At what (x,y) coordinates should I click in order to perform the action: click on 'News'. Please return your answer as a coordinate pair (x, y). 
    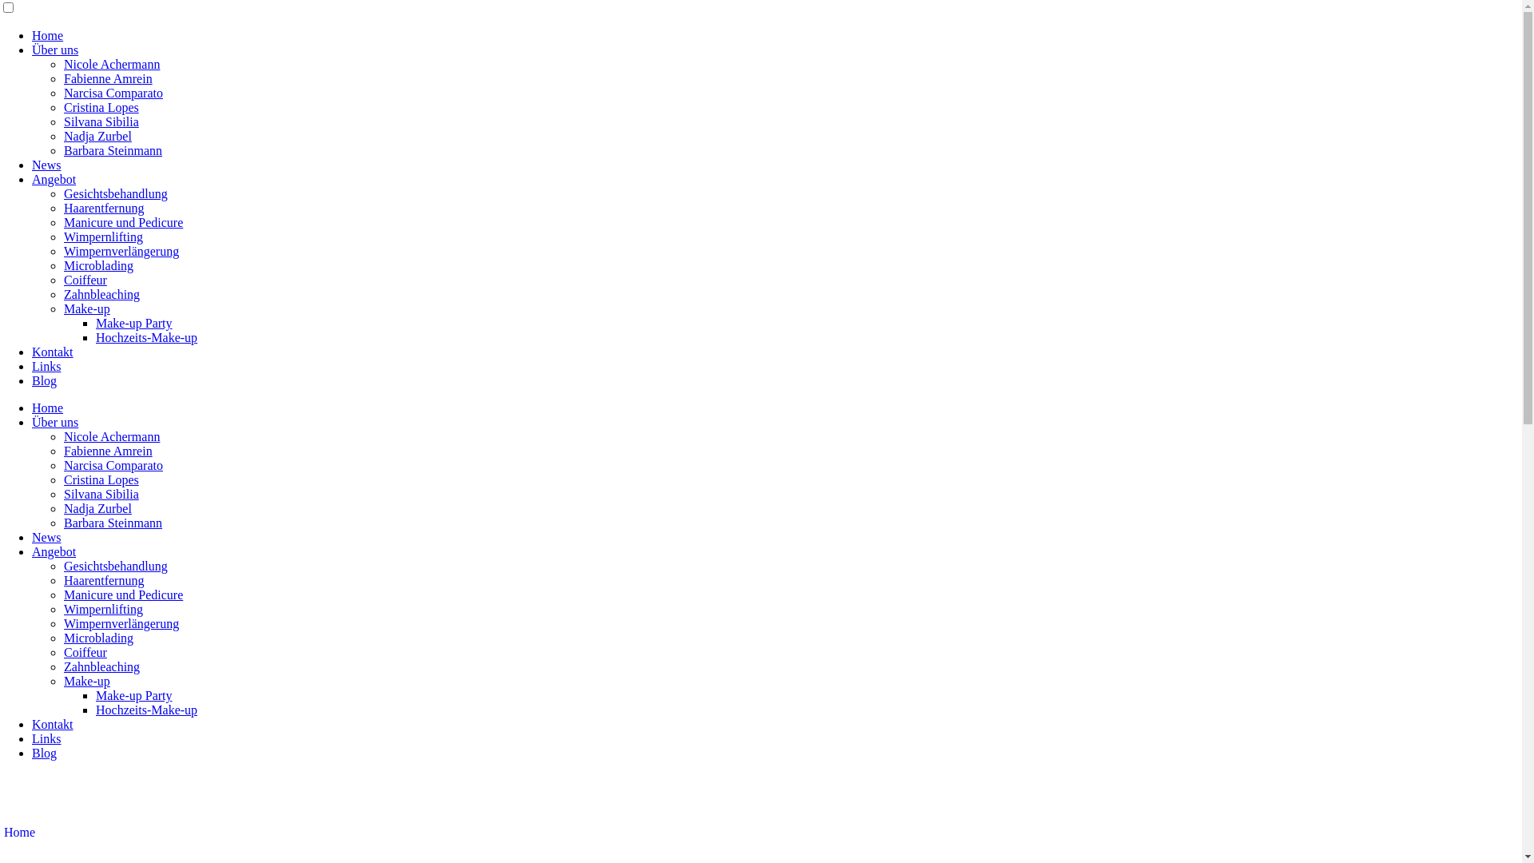
    Looking at the image, I should click on (46, 537).